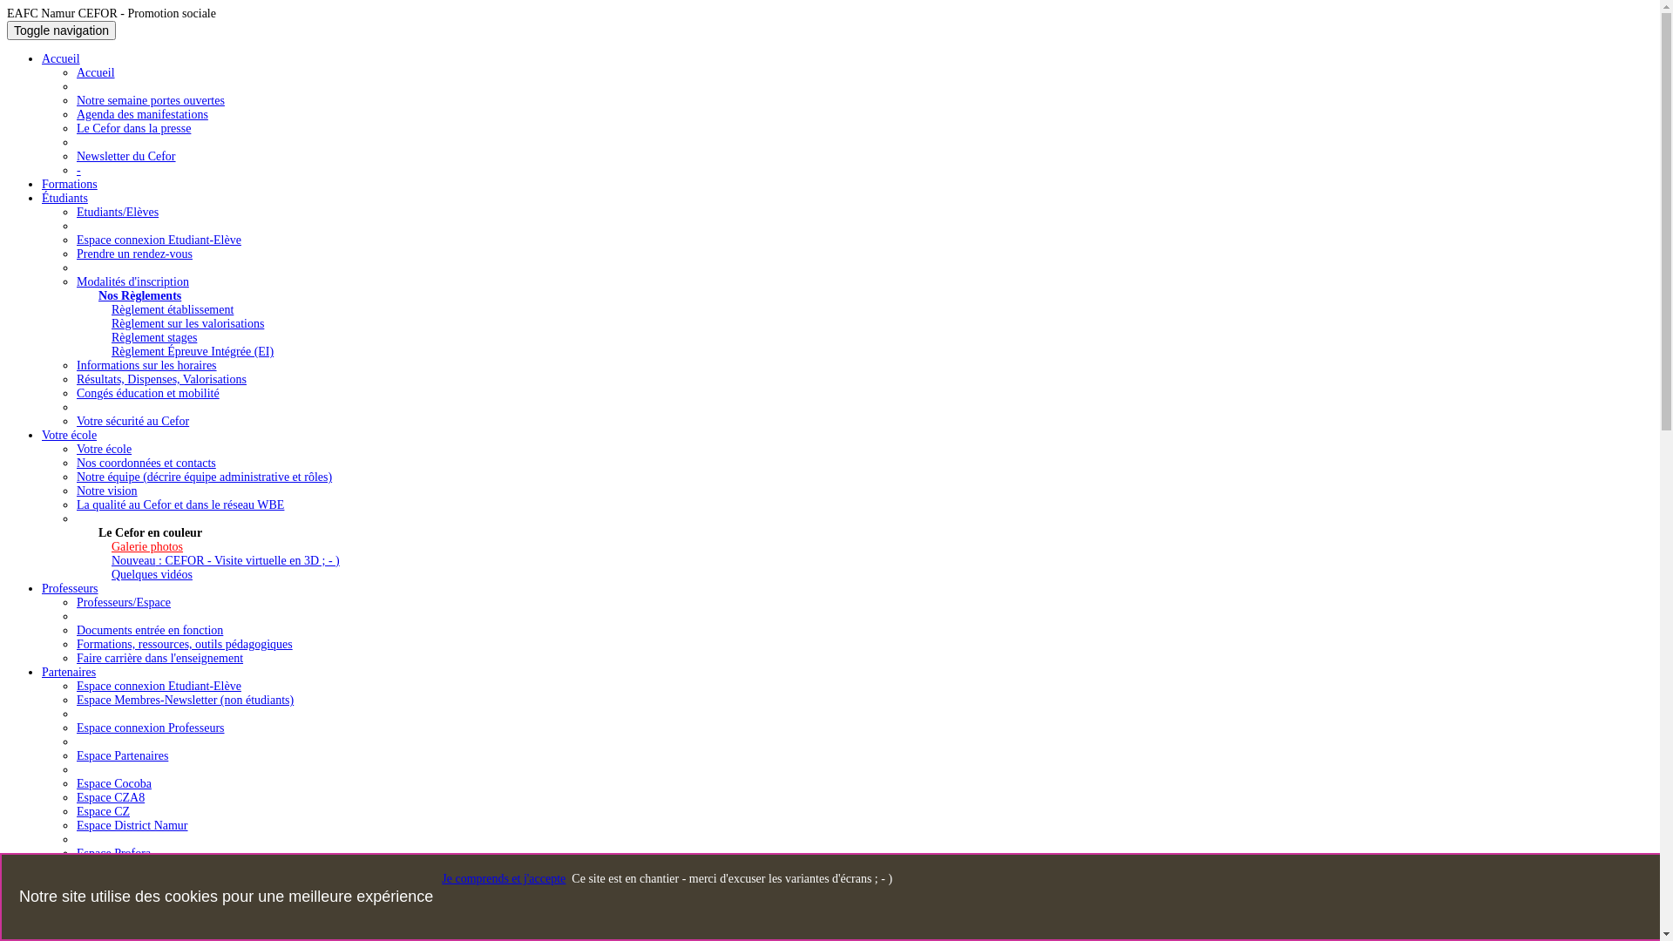 The width and height of the screenshot is (1673, 941). What do you see at coordinates (42, 881) in the screenshot?
I see `'Contact'` at bounding box center [42, 881].